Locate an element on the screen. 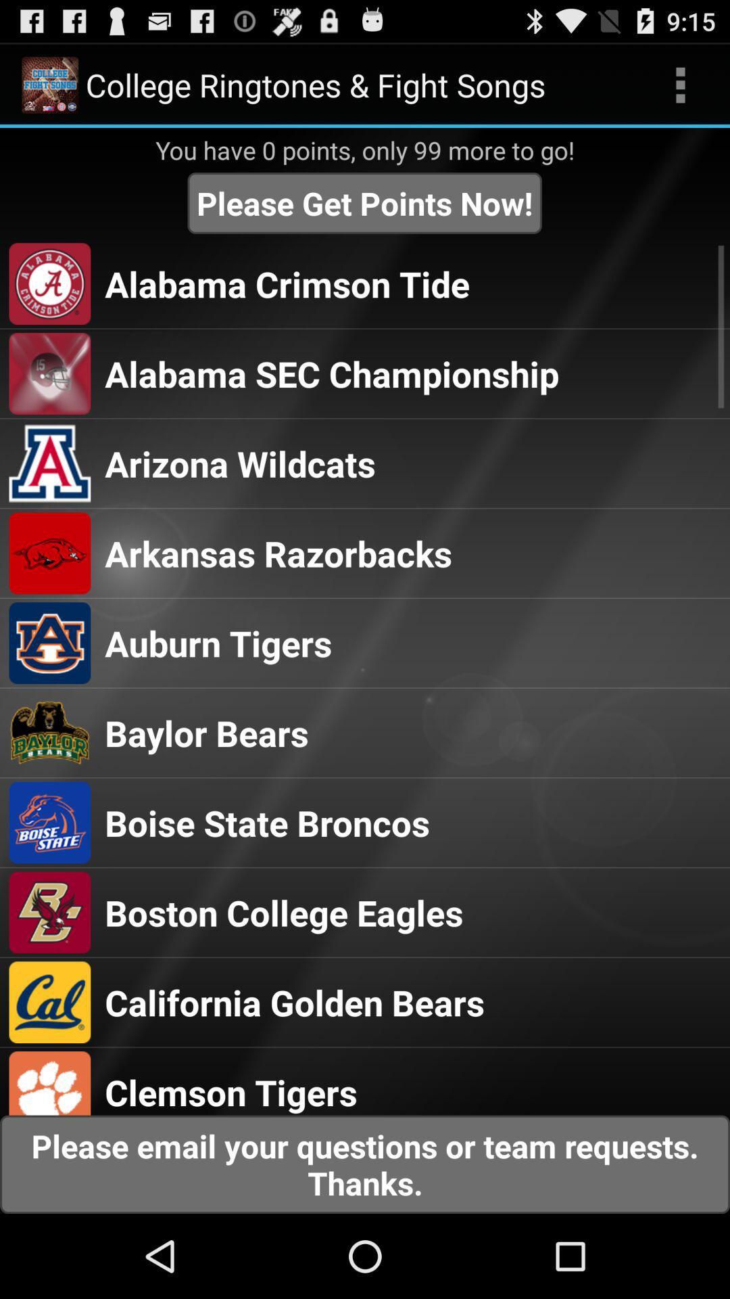 Image resolution: width=730 pixels, height=1299 pixels. the boston college eagles icon is located at coordinates (283, 912).